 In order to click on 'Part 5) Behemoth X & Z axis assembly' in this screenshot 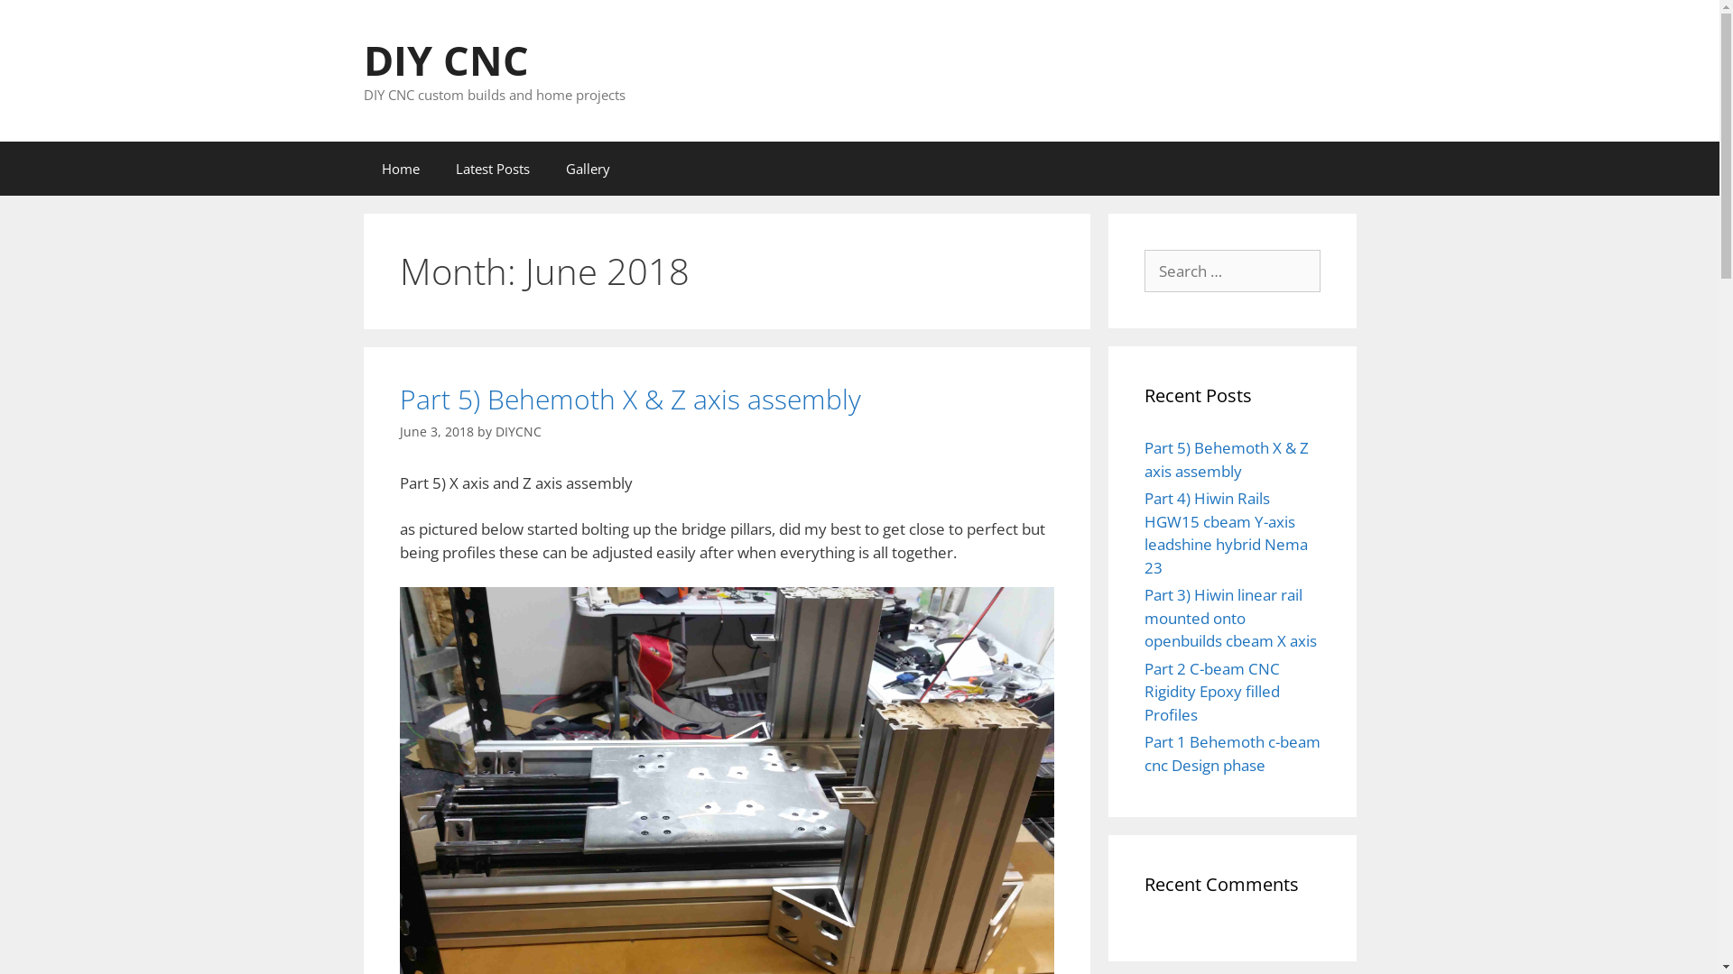, I will do `click(1226, 458)`.